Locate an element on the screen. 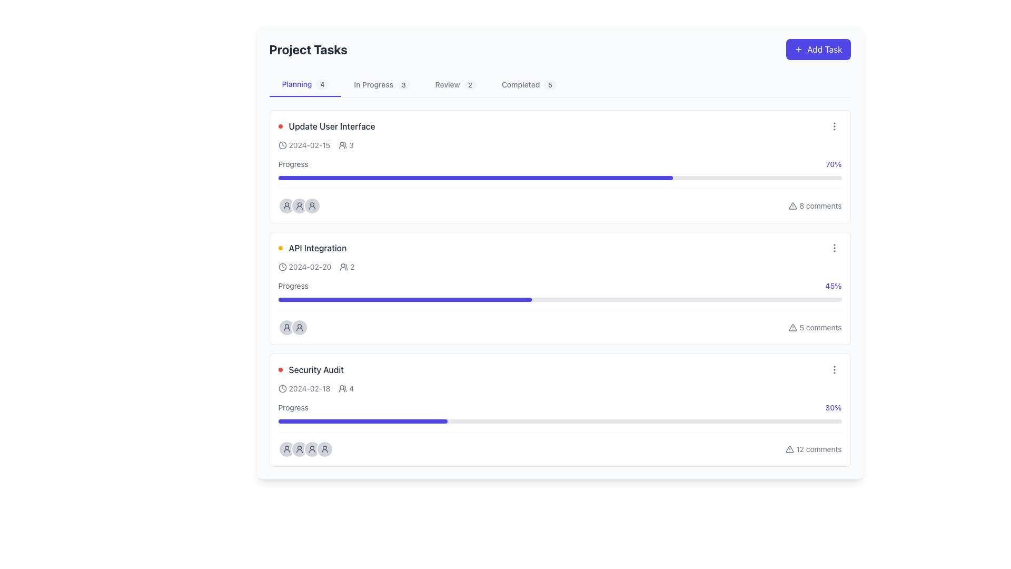  the visual progress of the progress bar labeled 'Progress' indicating '45%' in the 'API Integration' section is located at coordinates (559, 291).